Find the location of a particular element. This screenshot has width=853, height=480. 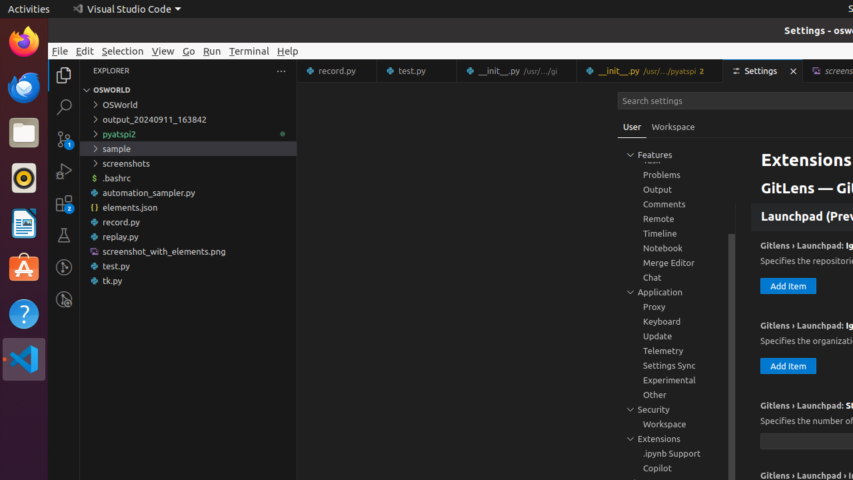

'Security, group' is located at coordinates (676, 409).